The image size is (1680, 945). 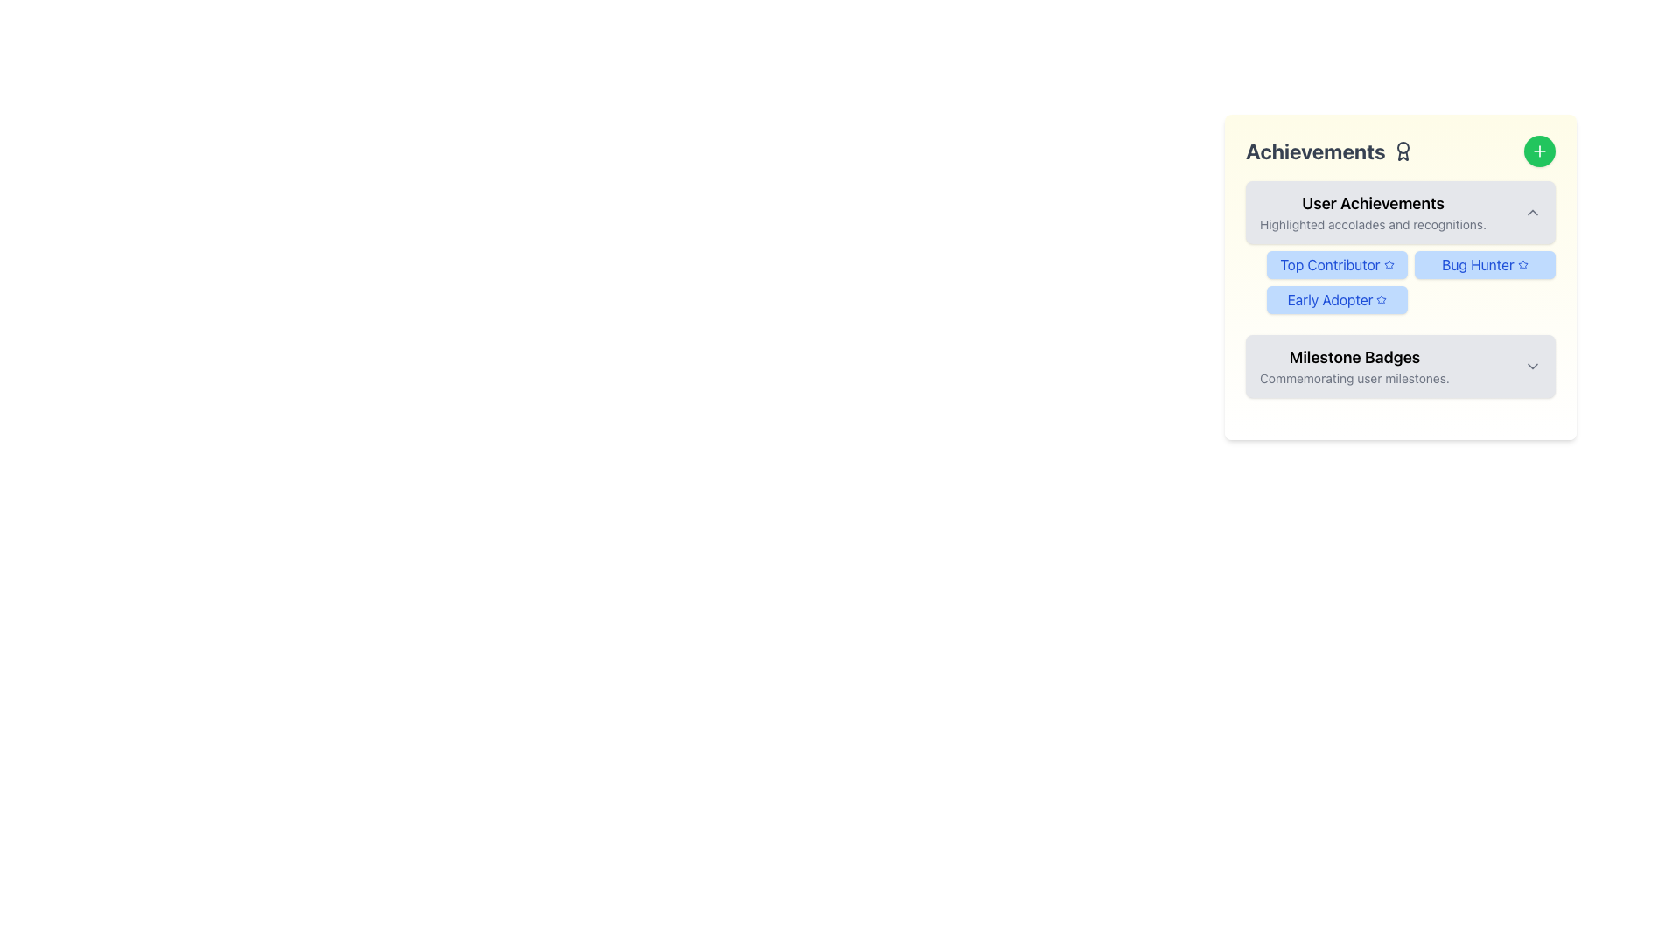 I want to click on the descriptive text element located beneath the 'User Achievements' header, which provides context about the achievements section, so click(x=1372, y=224).